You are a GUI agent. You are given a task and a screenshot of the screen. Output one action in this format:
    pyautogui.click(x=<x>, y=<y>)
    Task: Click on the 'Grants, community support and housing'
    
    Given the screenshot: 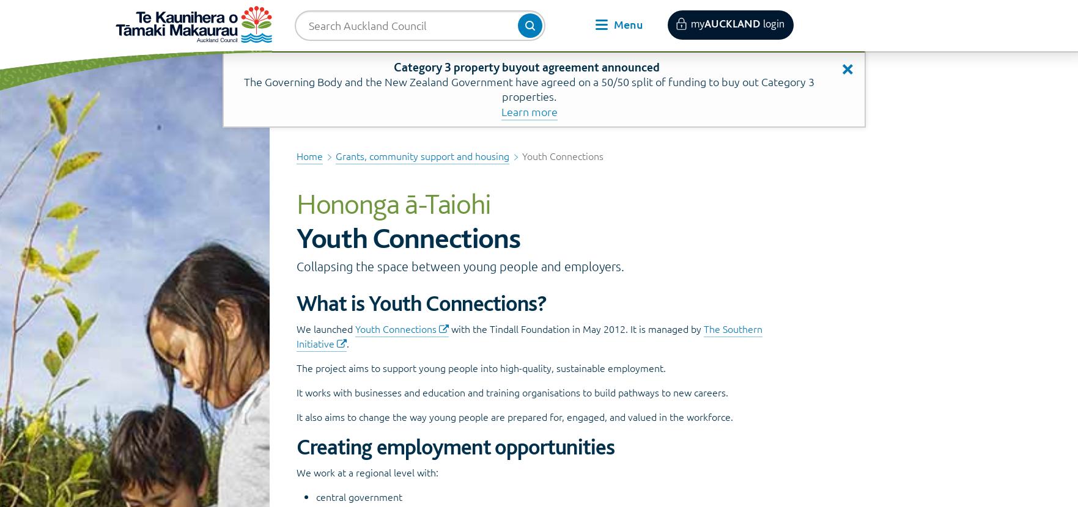 What is the action you would take?
    pyautogui.click(x=422, y=155)
    